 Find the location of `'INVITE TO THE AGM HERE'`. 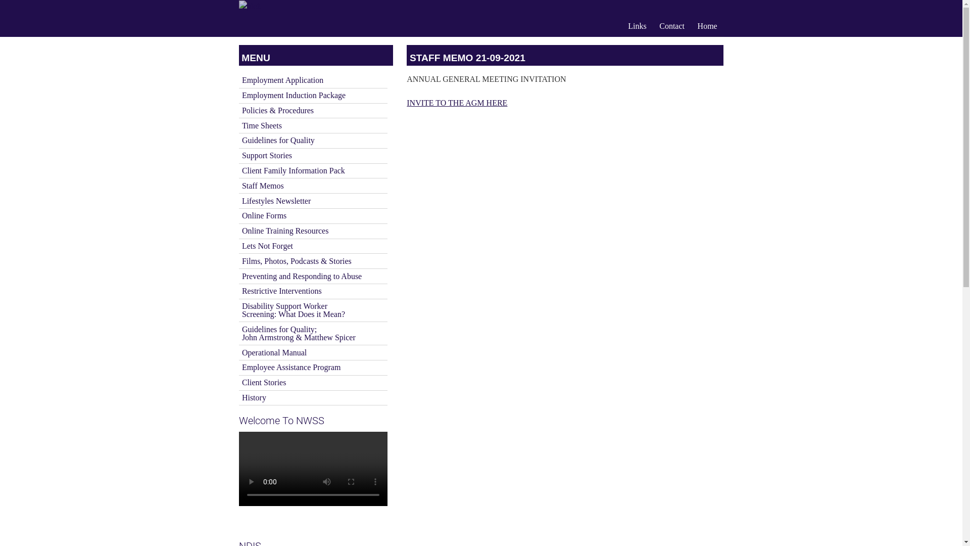

'INVITE TO THE AGM HERE' is located at coordinates (456, 103).